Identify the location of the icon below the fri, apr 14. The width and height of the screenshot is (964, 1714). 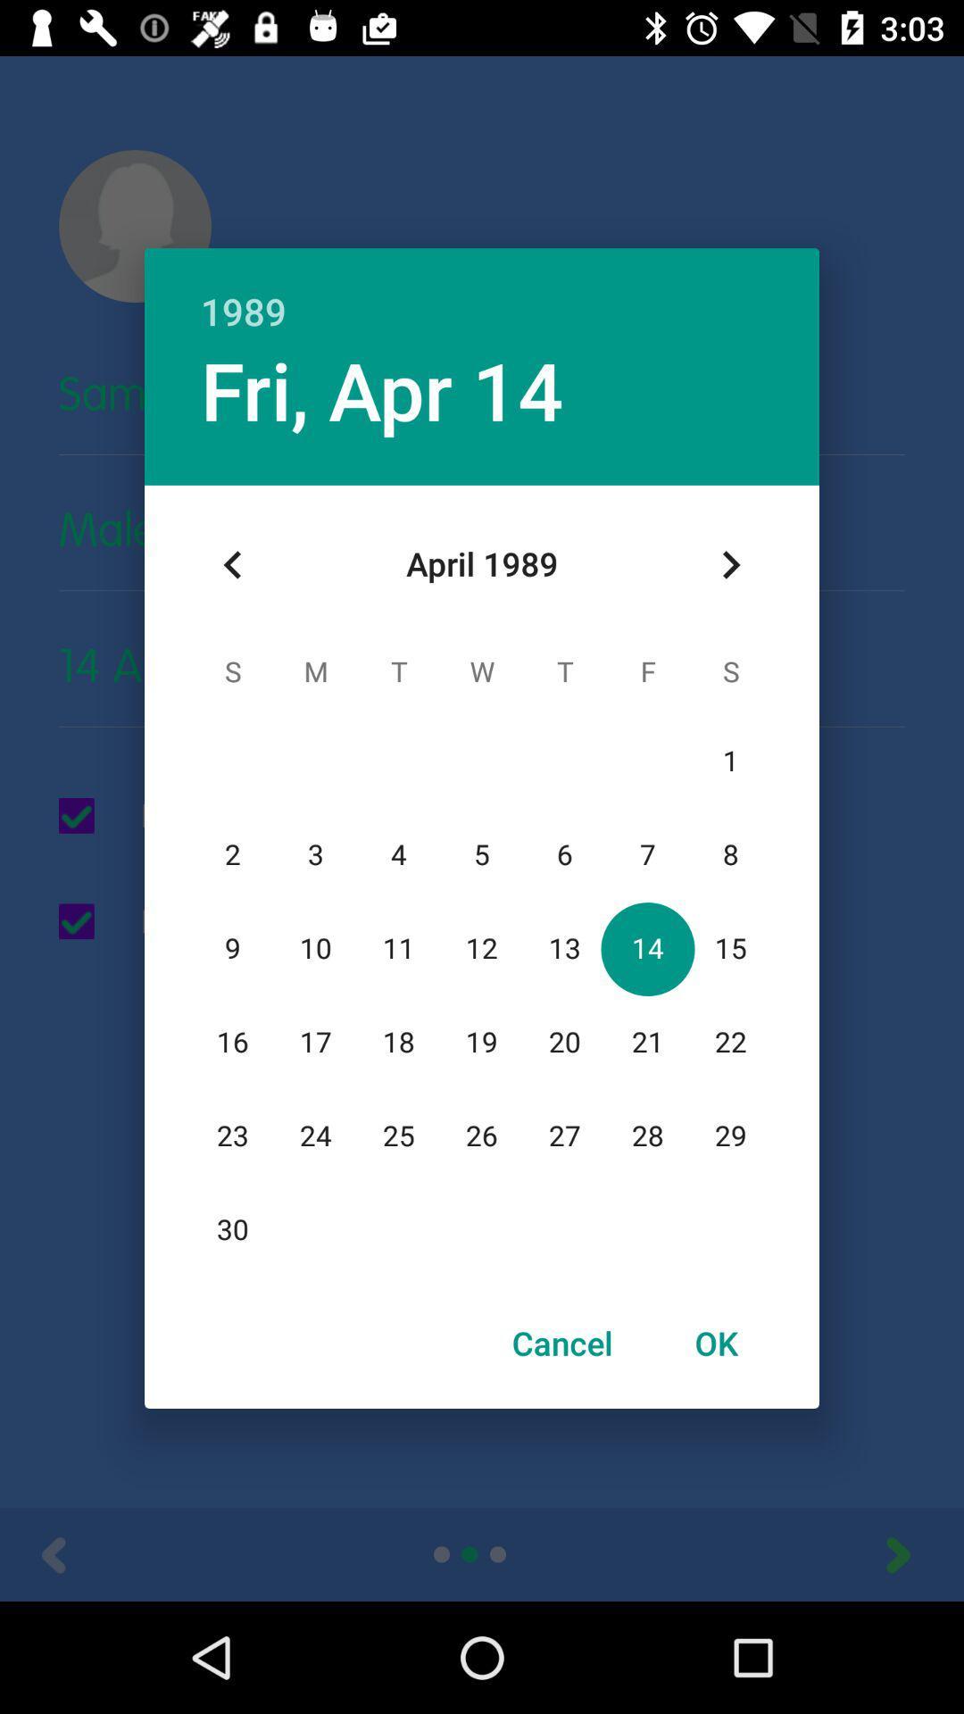
(232, 564).